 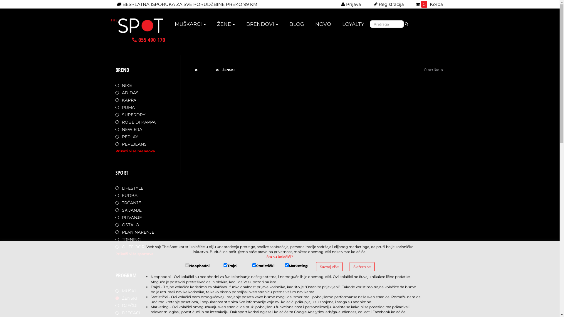 What do you see at coordinates (148, 40) in the screenshot?
I see `'055 490 170'` at bounding box center [148, 40].